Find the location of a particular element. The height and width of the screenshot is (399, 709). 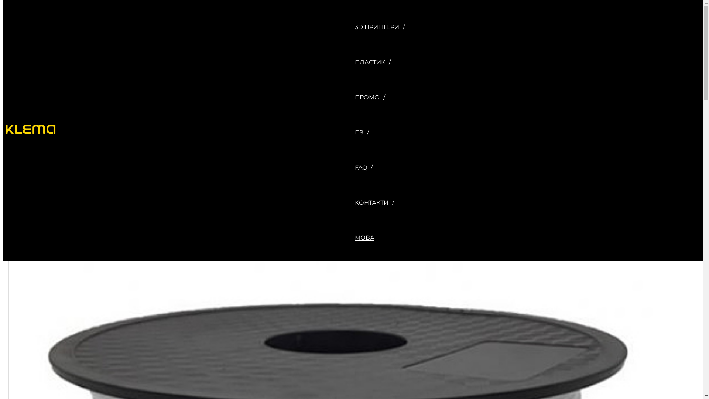

'FAQ' is located at coordinates (381, 167).